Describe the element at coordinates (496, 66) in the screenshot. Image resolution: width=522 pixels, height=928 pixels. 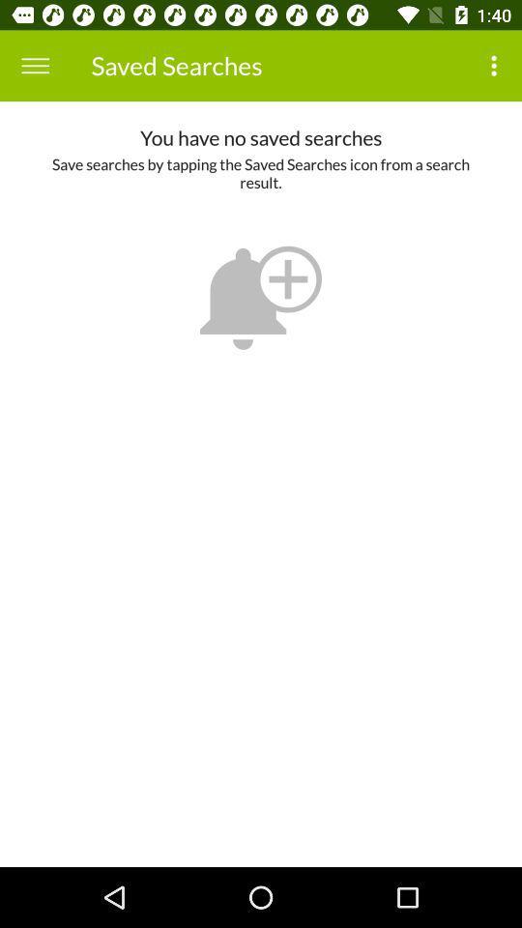
I see `item at the top right corner` at that location.